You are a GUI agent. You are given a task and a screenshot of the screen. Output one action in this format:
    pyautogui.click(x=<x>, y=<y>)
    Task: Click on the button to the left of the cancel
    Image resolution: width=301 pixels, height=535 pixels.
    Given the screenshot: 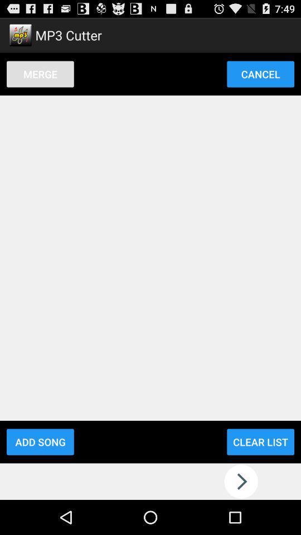 What is the action you would take?
    pyautogui.click(x=40, y=73)
    